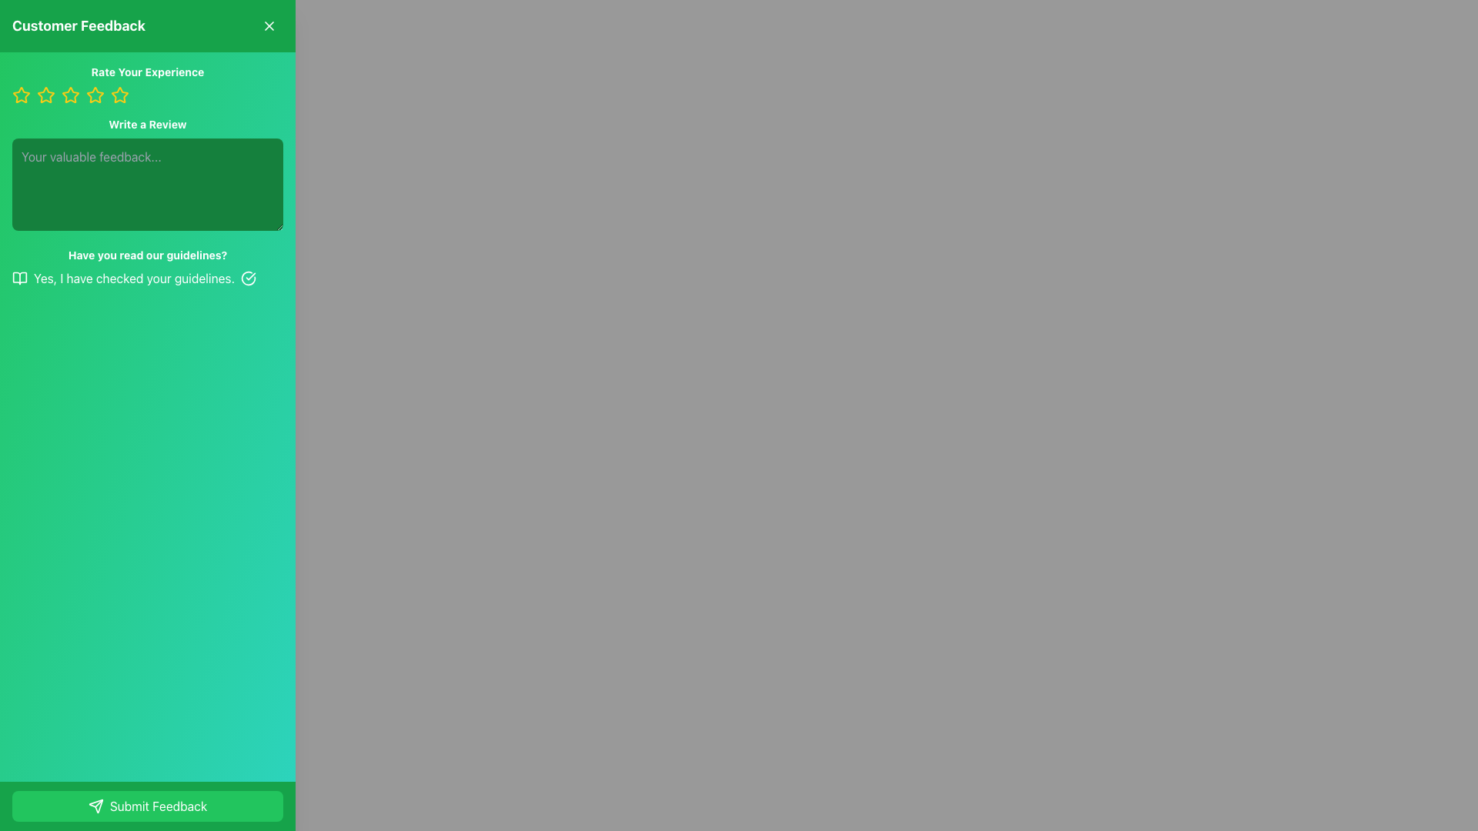  Describe the element at coordinates (269, 26) in the screenshot. I see `the close button (X icon) located in the top-right corner of the green header bar titled 'Customer Feedback'` at that location.